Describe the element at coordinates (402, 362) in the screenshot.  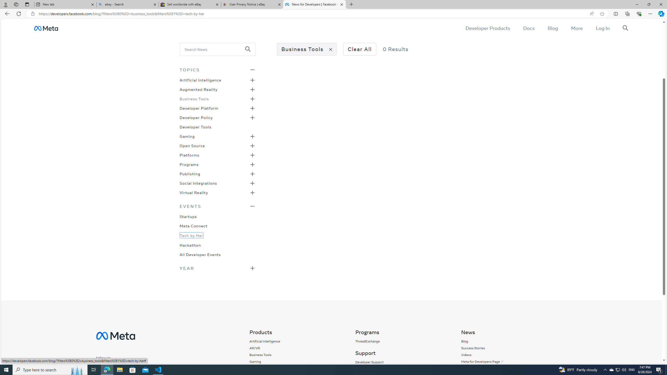
I see `'Developer Support'` at that location.